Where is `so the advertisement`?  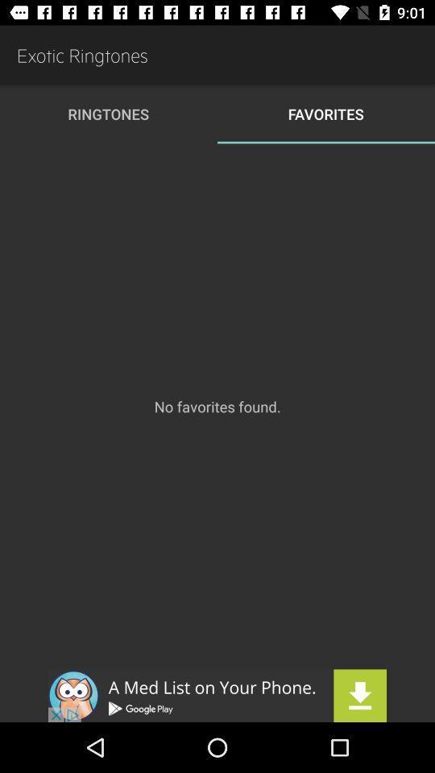 so the advertisement is located at coordinates (217, 695).